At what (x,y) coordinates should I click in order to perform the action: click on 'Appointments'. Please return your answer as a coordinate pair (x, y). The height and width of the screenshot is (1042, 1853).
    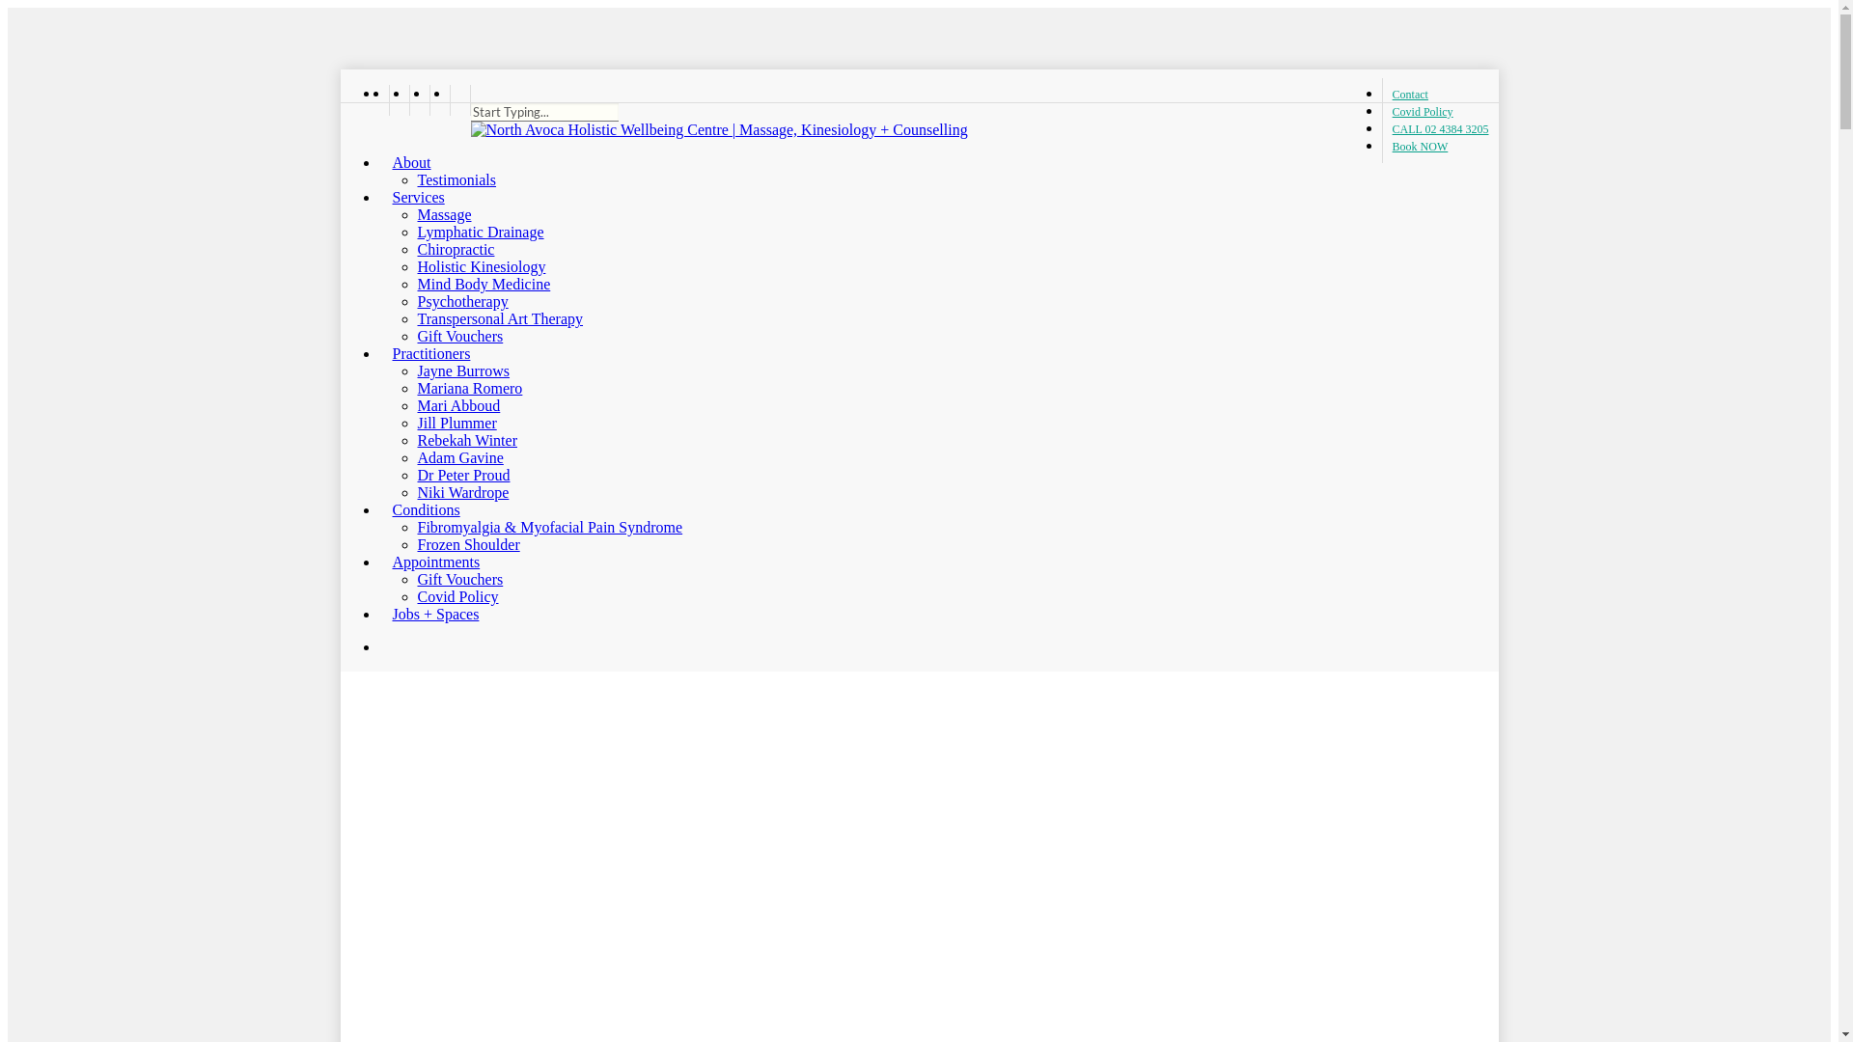
    Looking at the image, I should click on (428, 562).